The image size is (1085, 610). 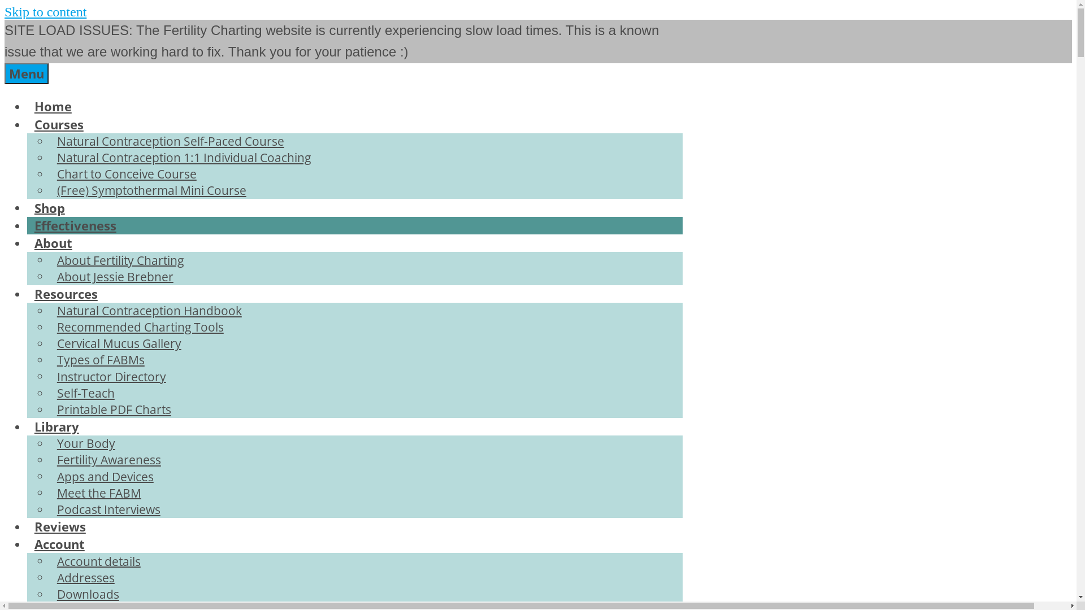 What do you see at coordinates (115, 276) in the screenshot?
I see `'About Jessie Brebner'` at bounding box center [115, 276].